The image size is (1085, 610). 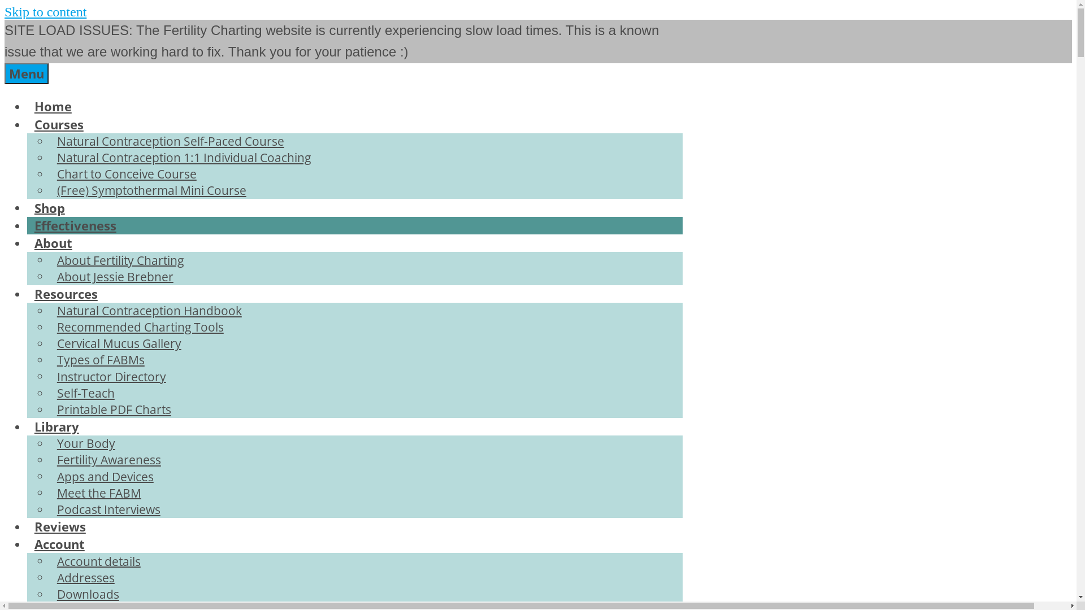 What do you see at coordinates (115, 276) in the screenshot?
I see `'About Jessie Brebner'` at bounding box center [115, 276].